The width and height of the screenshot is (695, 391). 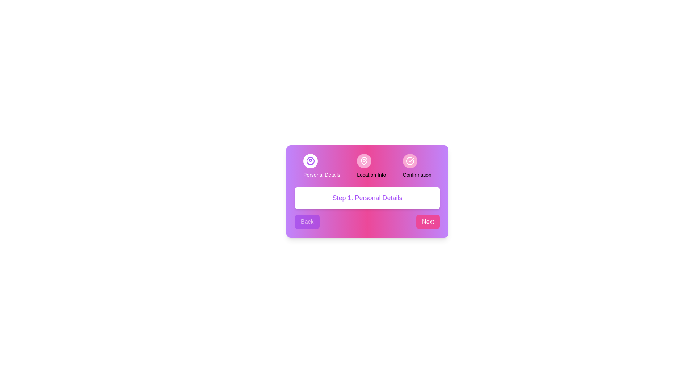 What do you see at coordinates (307, 222) in the screenshot?
I see `the 'Back' button to return to the previous step` at bounding box center [307, 222].